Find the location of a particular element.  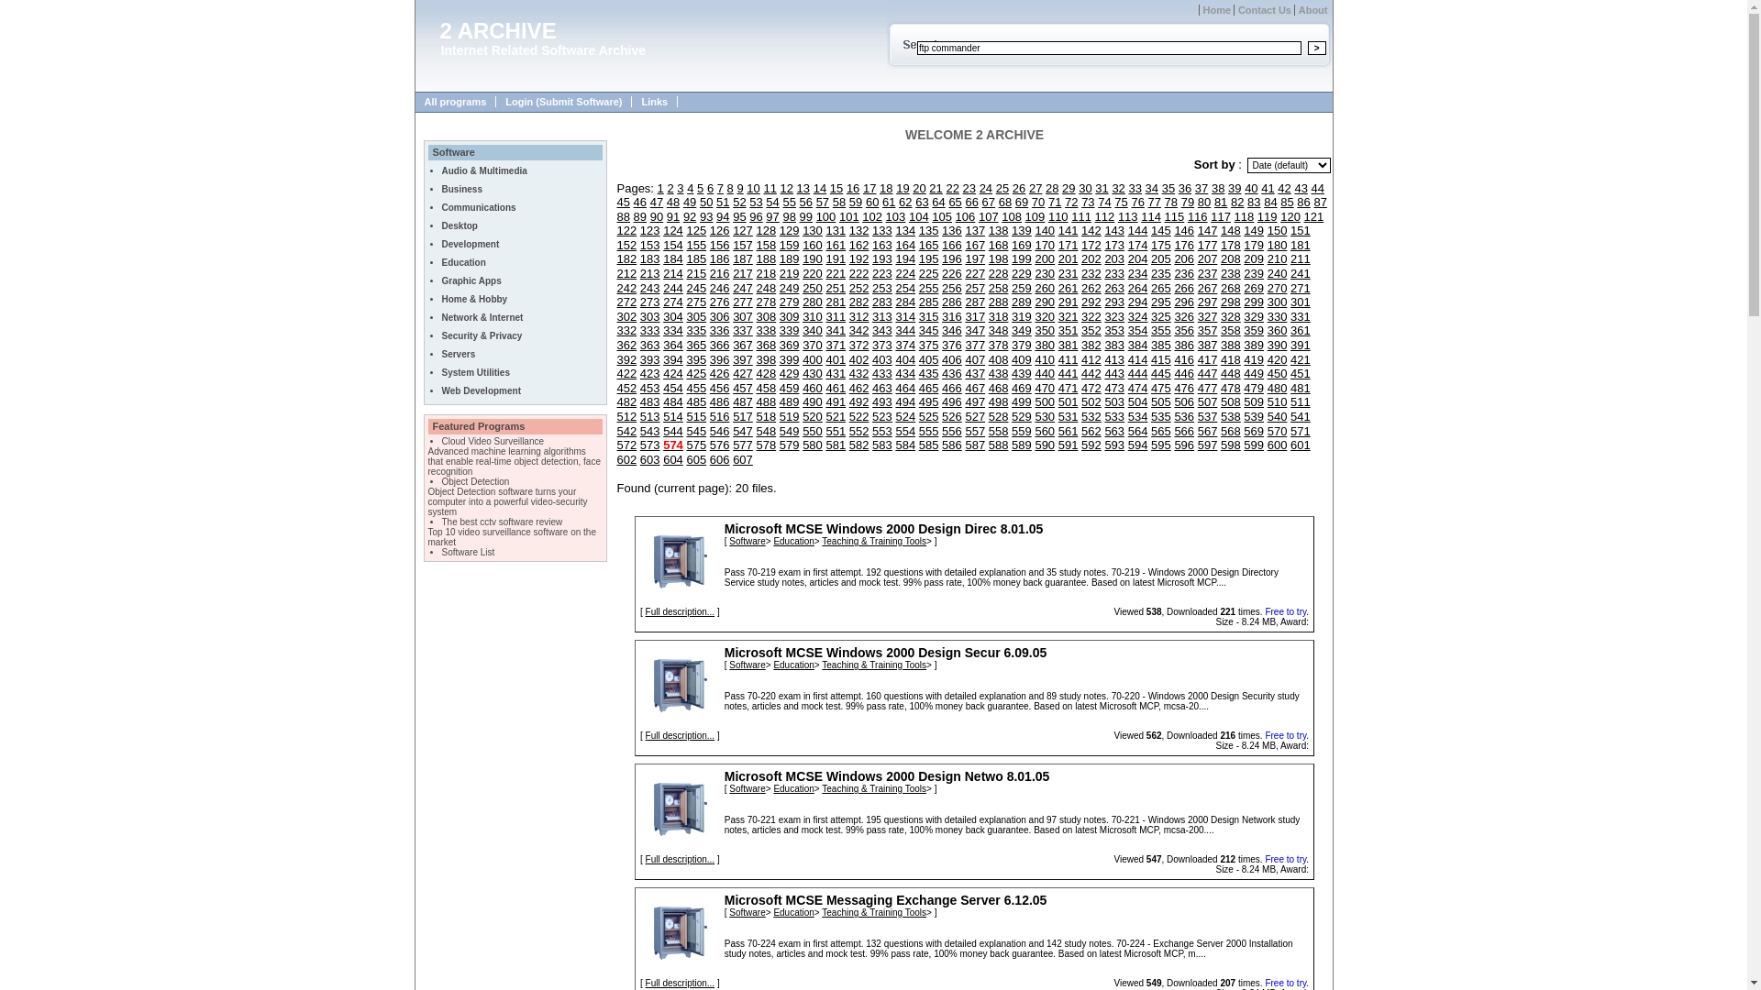

'397' is located at coordinates (743, 359).